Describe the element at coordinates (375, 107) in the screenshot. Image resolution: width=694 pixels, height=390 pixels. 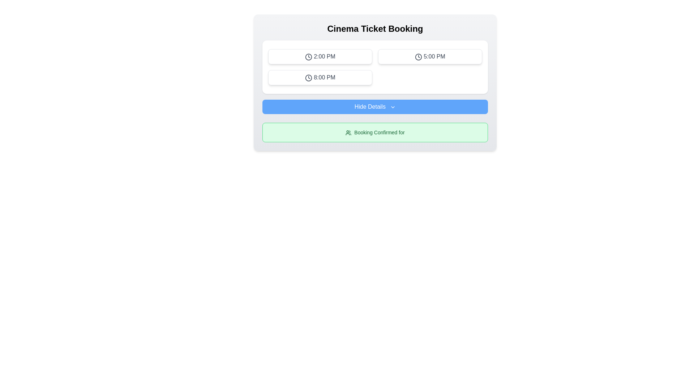
I see `the button below the time slots and above the confirmation message in the cinema booking interface` at that location.